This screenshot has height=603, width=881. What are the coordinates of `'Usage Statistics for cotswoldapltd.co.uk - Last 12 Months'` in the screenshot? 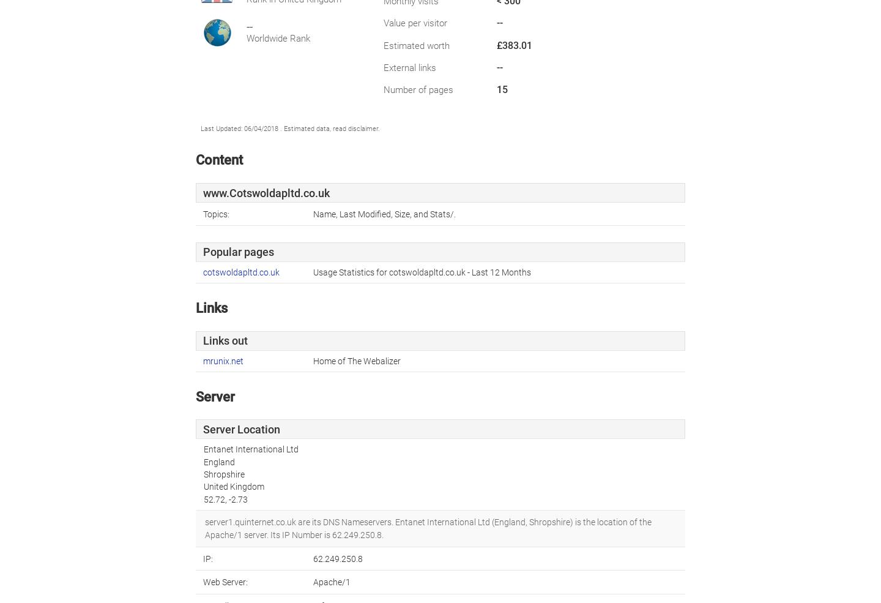 It's located at (422, 271).